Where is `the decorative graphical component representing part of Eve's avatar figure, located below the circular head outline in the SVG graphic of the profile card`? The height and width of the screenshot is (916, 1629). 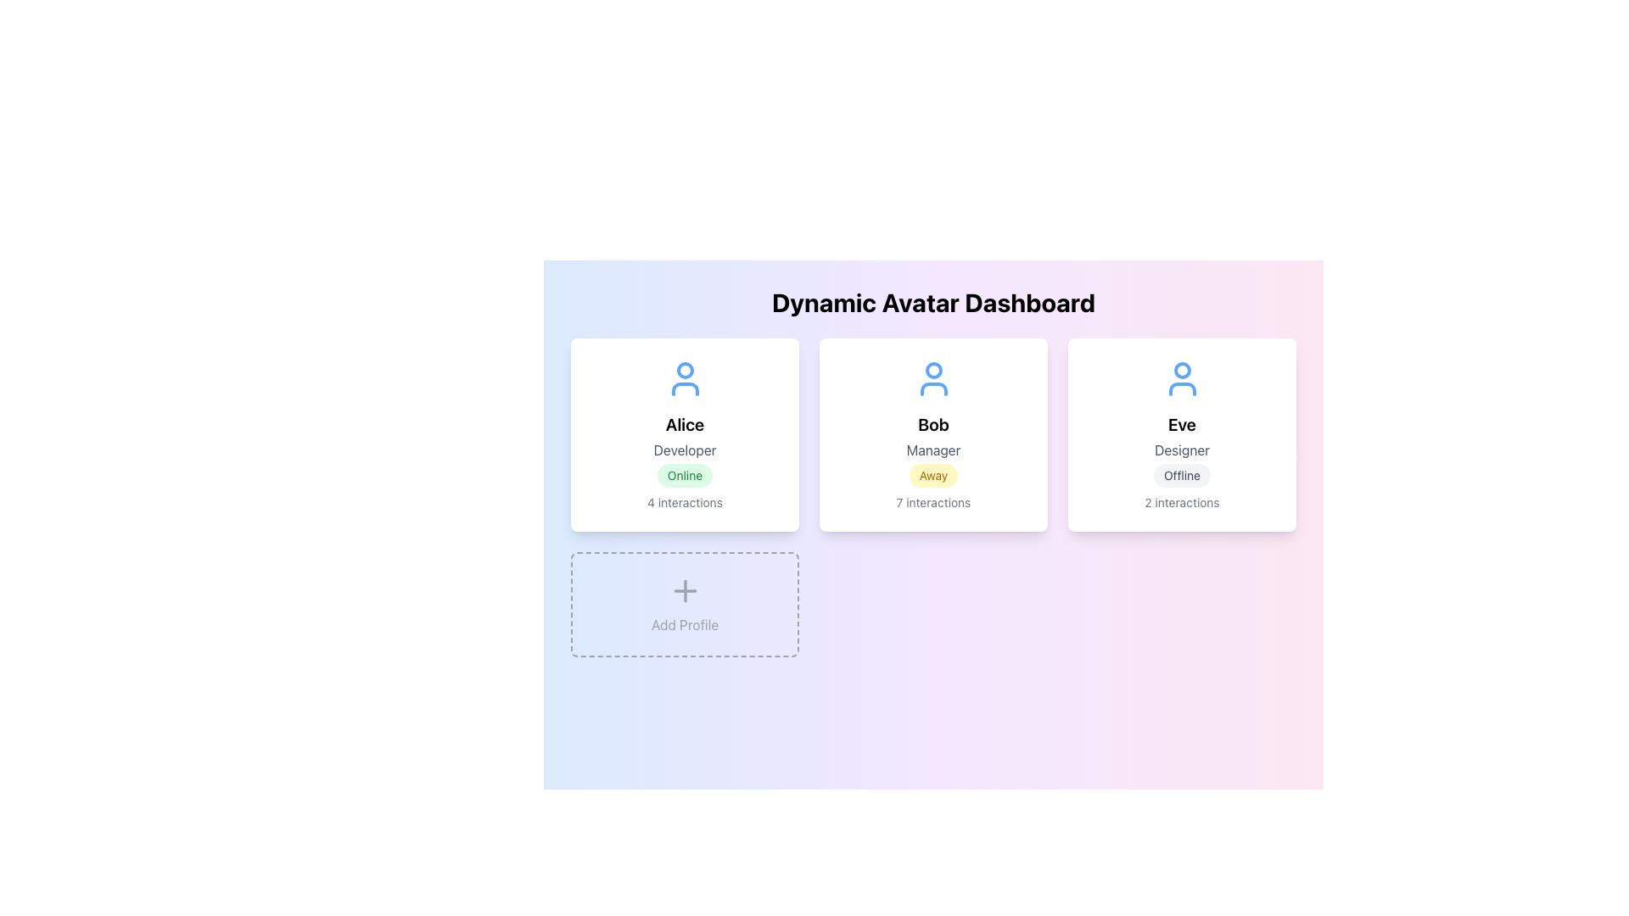
the decorative graphical component representing part of Eve's avatar figure, located below the circular head outline in the SVG graphic of the profile card is located at coordinates (1181, 389).